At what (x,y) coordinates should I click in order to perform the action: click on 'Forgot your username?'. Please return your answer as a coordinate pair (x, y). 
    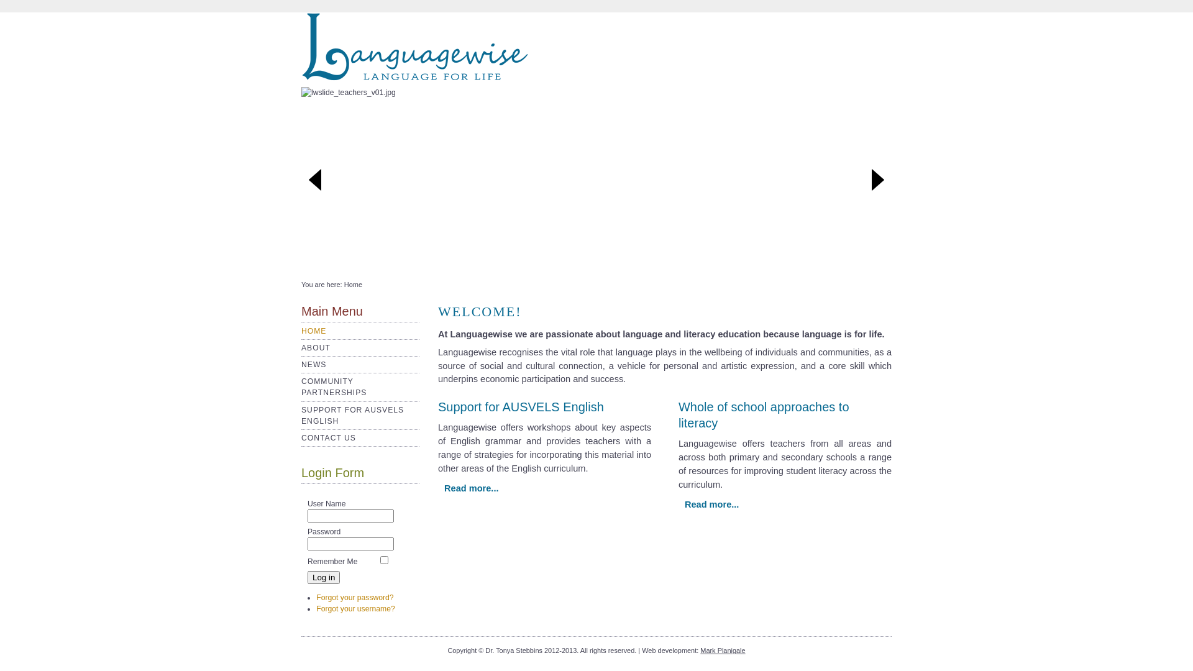
    Looking at the image, I should click on (354, 608).